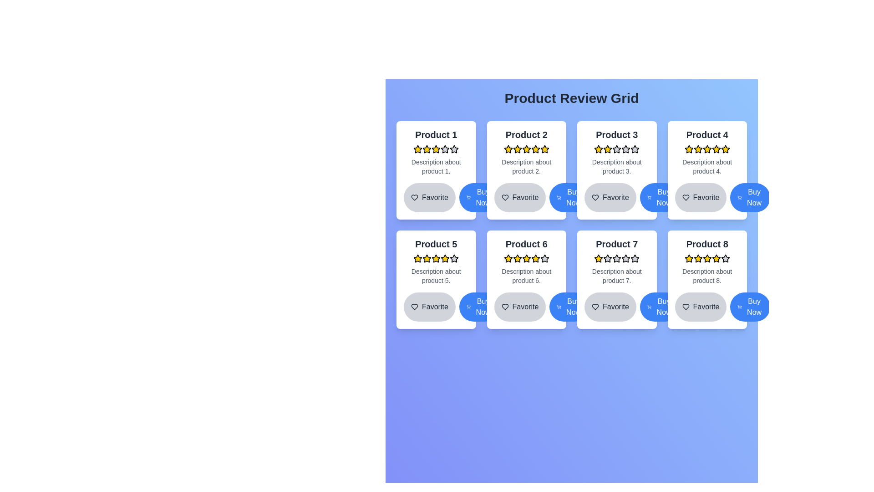 This screenshot has height=492, width=874. What do you see at coordinates (649, 307) in the screenshot?
I see `the appearance of the shopping cart icon located in the bottom-right corner of the 'Buy Now' button for 'Product 7'` at bounding box center [649, 307].